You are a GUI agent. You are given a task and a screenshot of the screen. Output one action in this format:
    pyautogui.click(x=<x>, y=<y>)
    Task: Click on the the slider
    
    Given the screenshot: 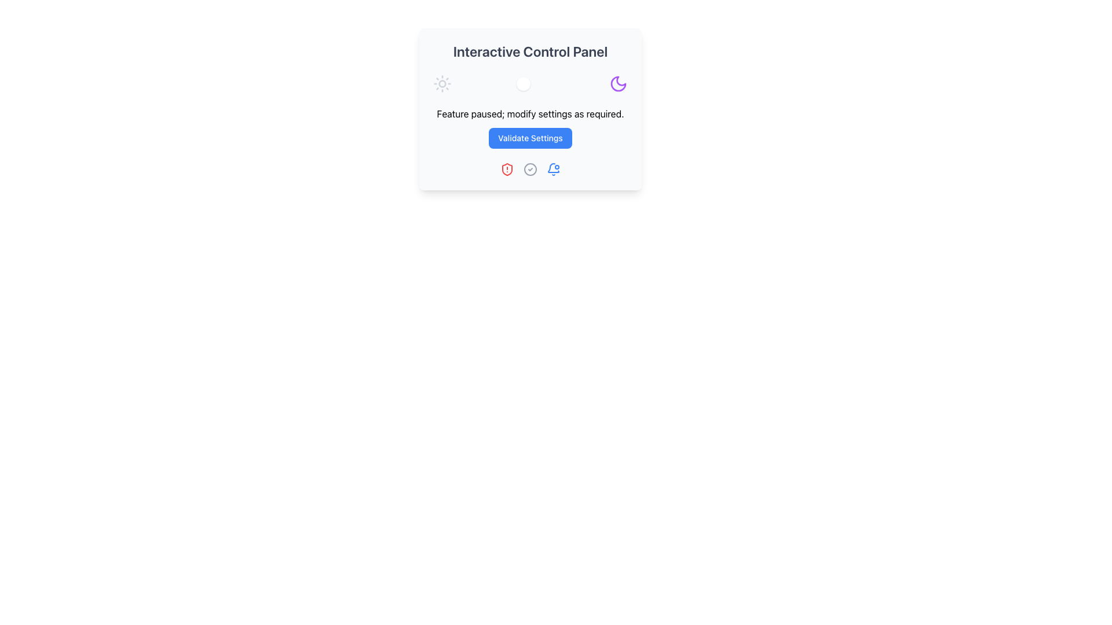 What is the action you would take?
    pyautogui.click(x=517, y=83)
    